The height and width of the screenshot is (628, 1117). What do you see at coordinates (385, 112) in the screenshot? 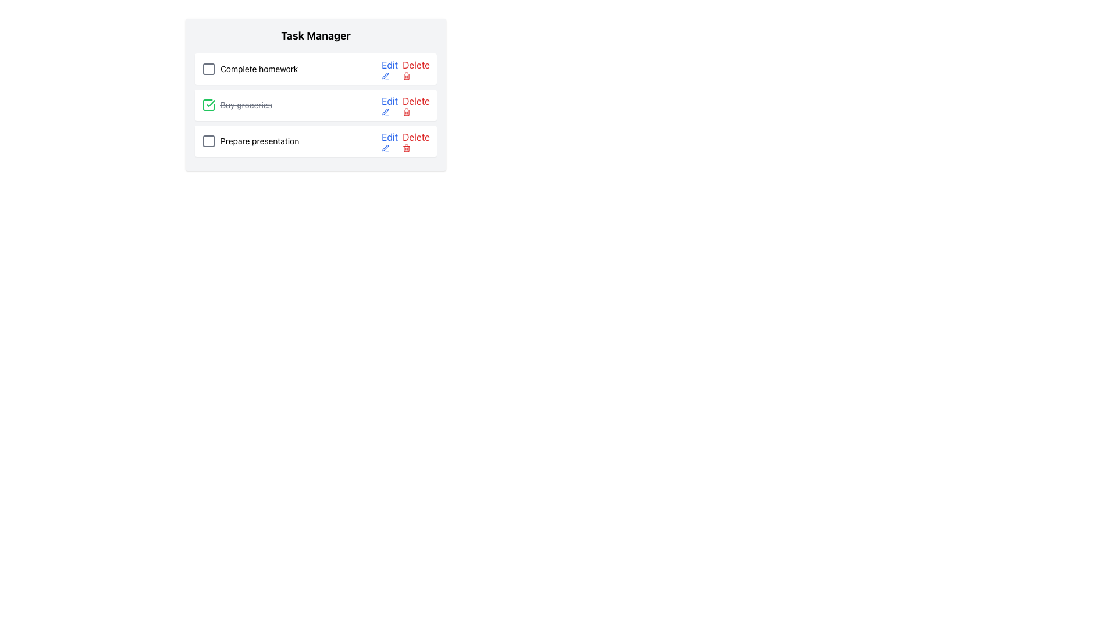
I see `the edit icon for the 'Buy groceries' task to modify its details` at bounding box center [385, 112].